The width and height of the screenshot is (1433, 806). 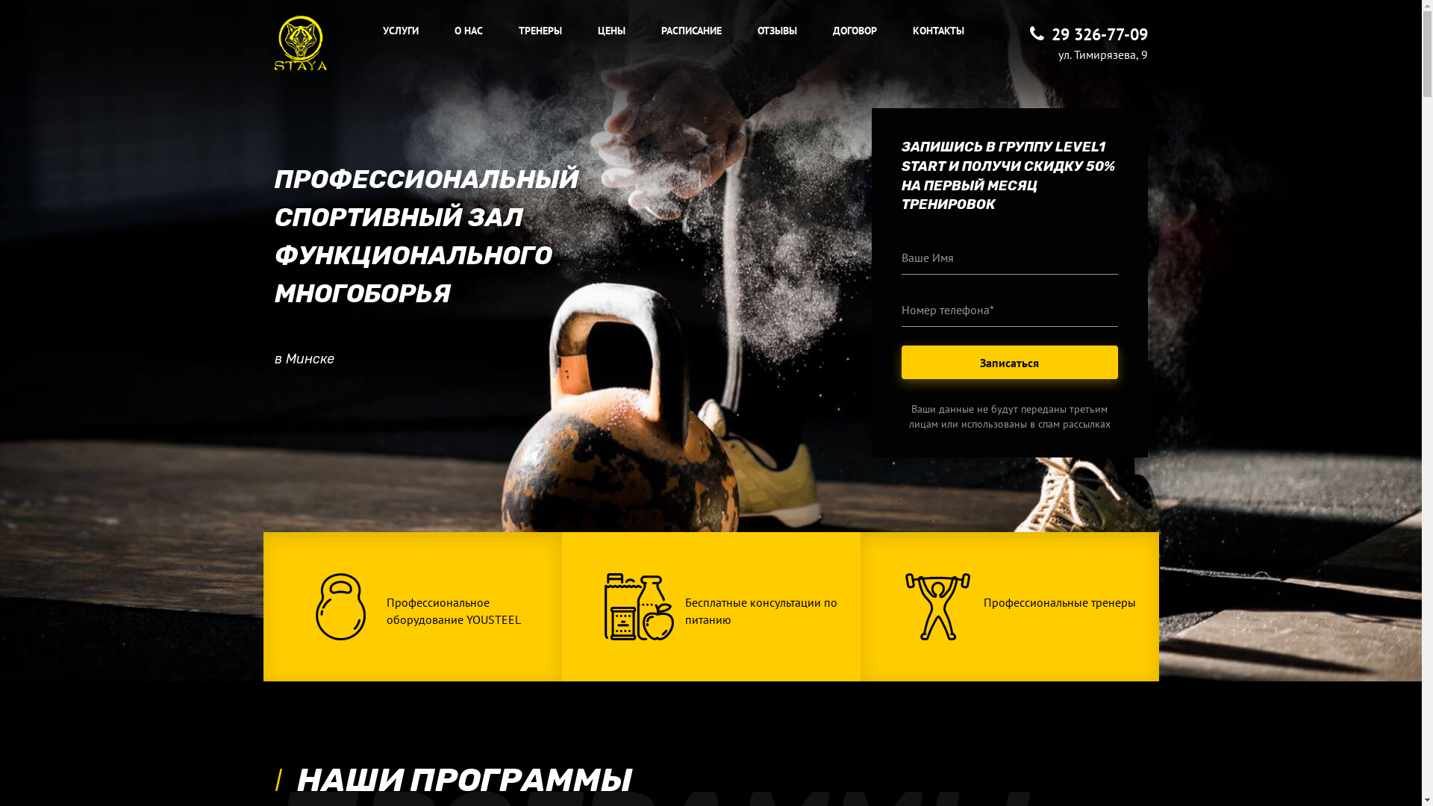 What do you see at coordinates (1089, 34) in the screenshot?
I see `'29 326-77-09'` at bounding box center [1089, 34].